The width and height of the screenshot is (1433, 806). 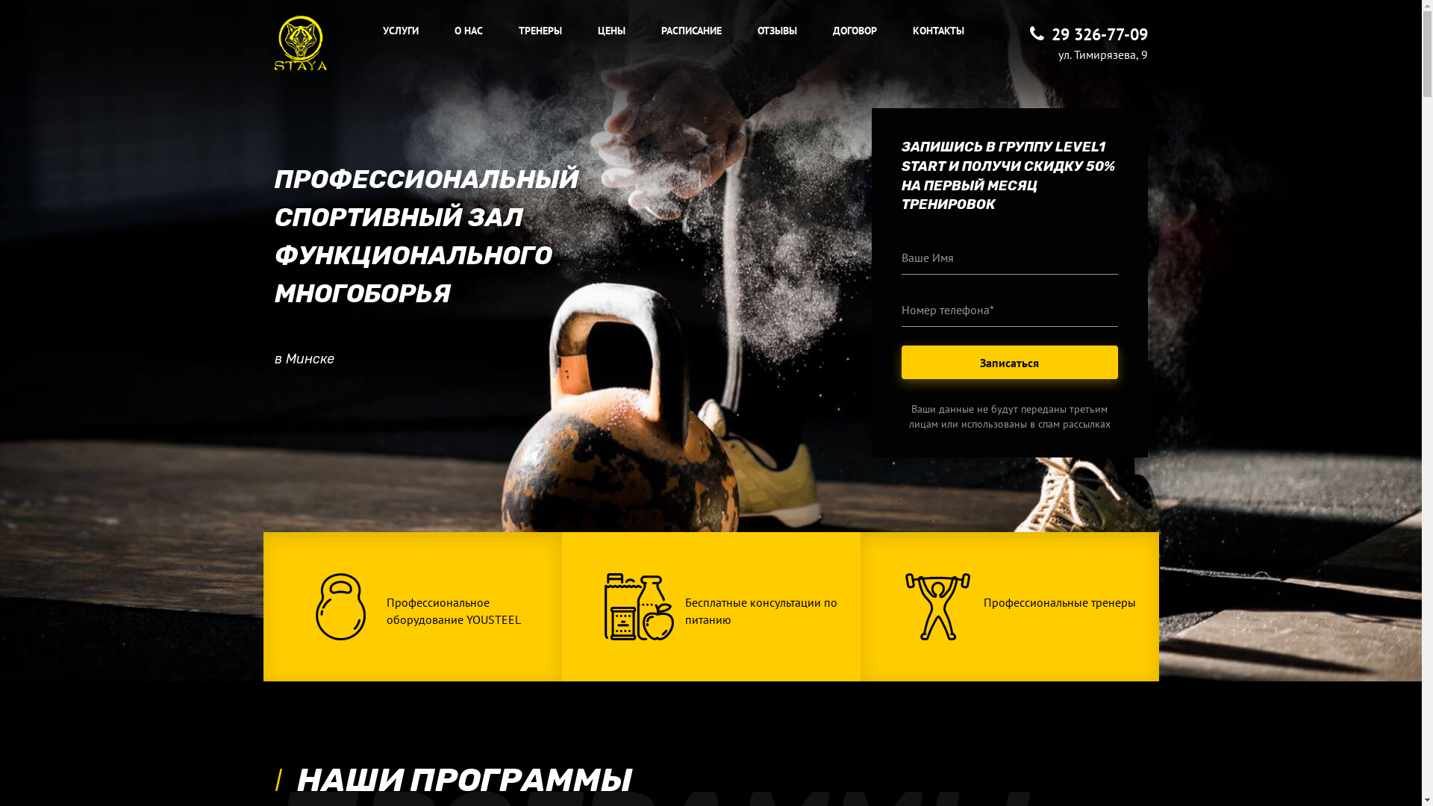 What do you see at coordinates (1089, 34) in the screenshot?
I see `'29 326-77-09'` at bounding box center [1089, 34].